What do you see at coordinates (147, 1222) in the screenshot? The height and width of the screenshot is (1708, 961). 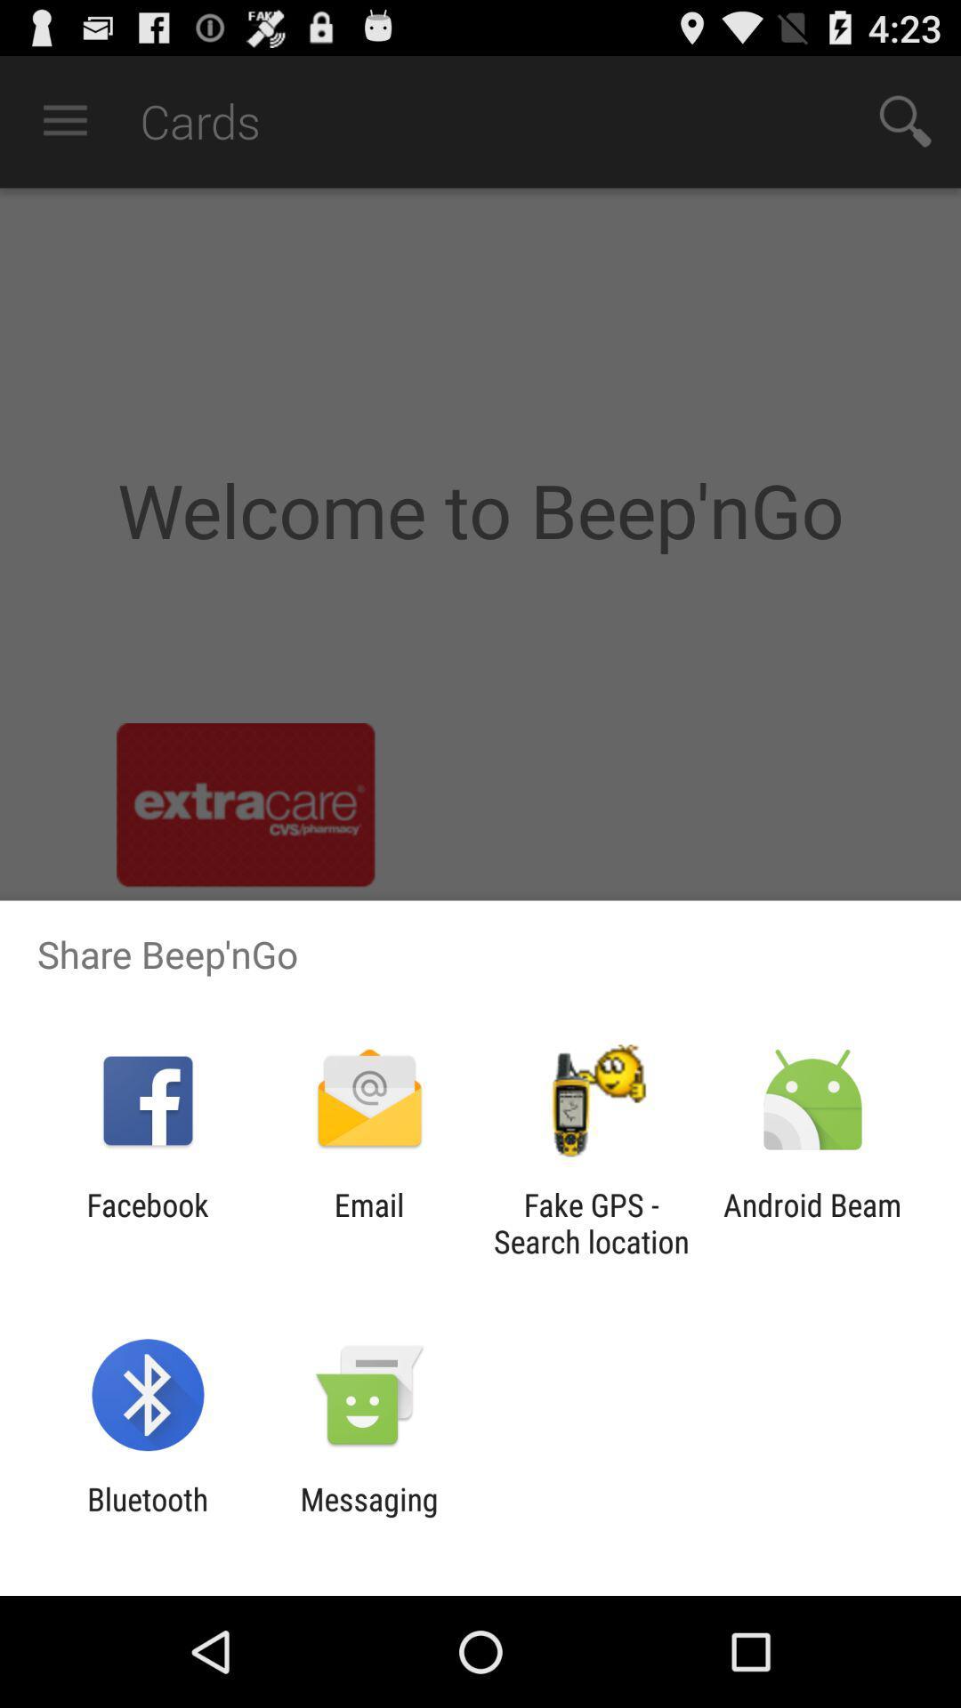 I see `the icon next to the email` at bounding box center [147, 1222].